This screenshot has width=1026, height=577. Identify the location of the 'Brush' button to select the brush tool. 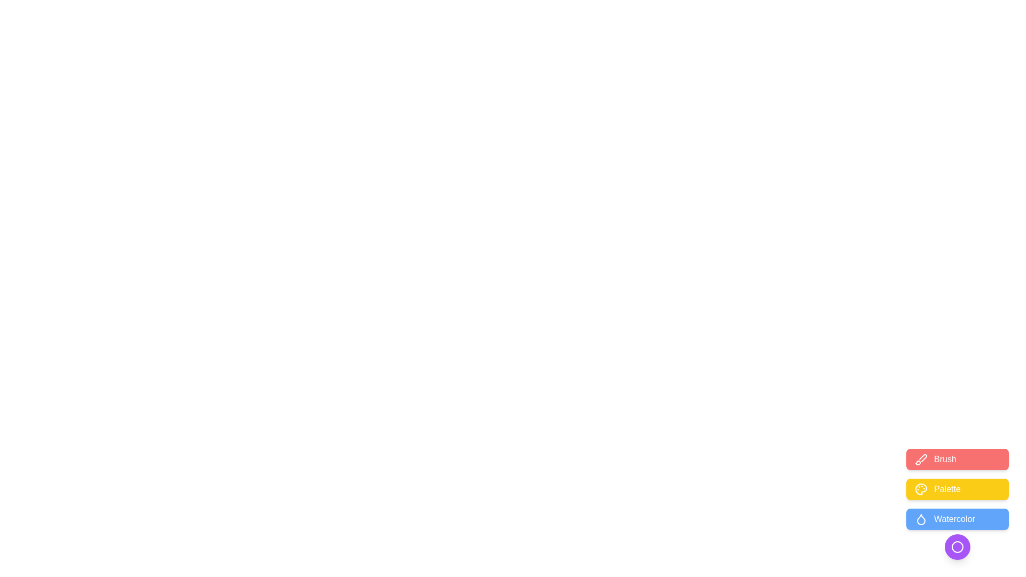
(957, 459).